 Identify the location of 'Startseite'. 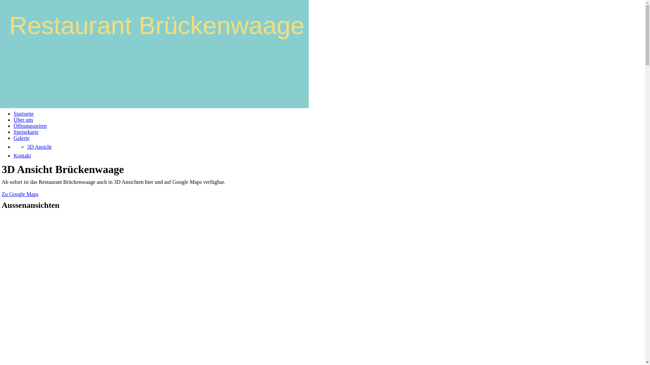
(24, 113).